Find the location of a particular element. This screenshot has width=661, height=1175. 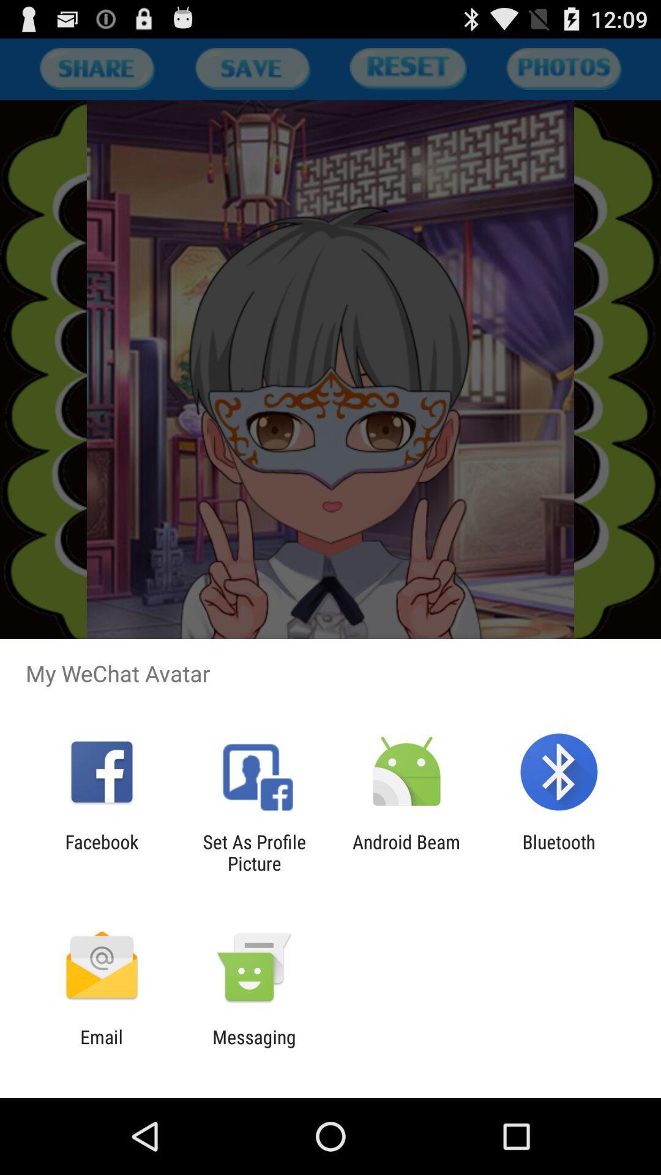

the facebook is located at coordinates (101, 852).